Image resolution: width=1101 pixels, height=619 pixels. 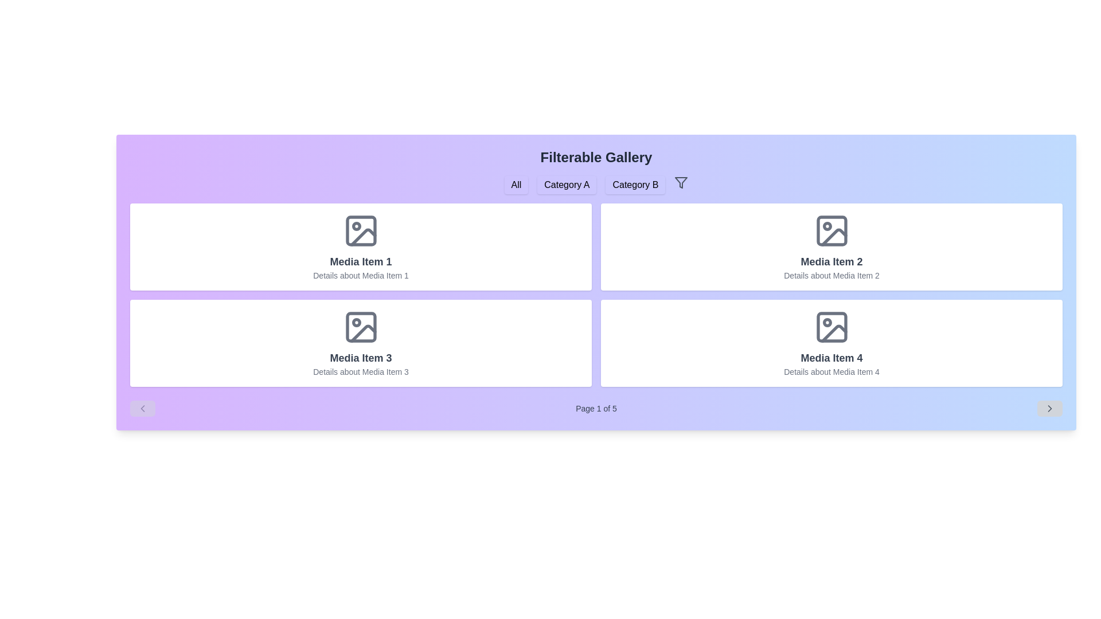 What do you see at coordinates (635, 185) in the screenshot?
I see `the 'Category B' text button in the top navigation bar` at bounding box center [635, 185].